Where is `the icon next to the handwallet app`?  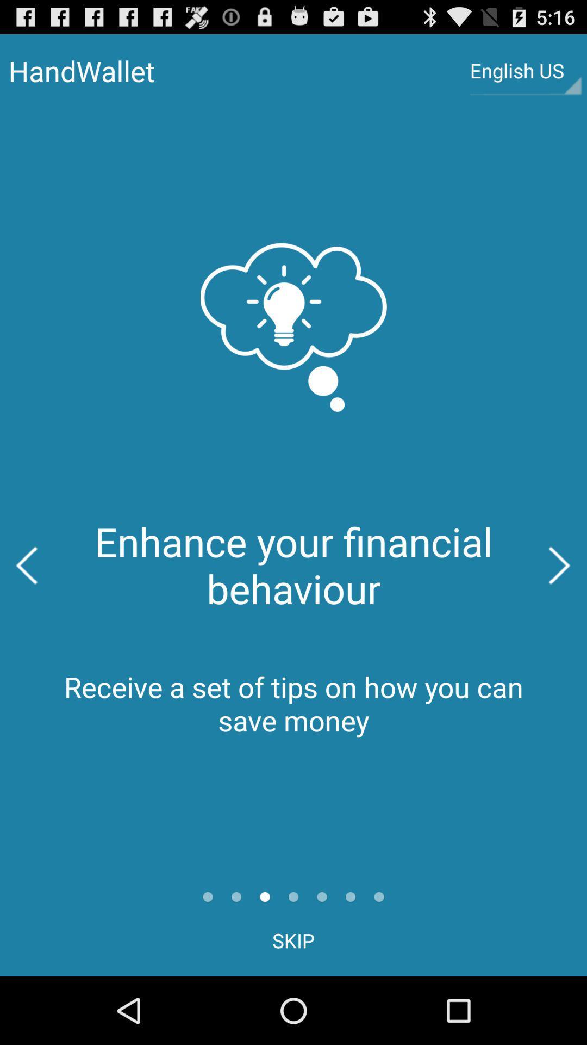 the icon next to the handwallet app is located at coordinates (525, 70).